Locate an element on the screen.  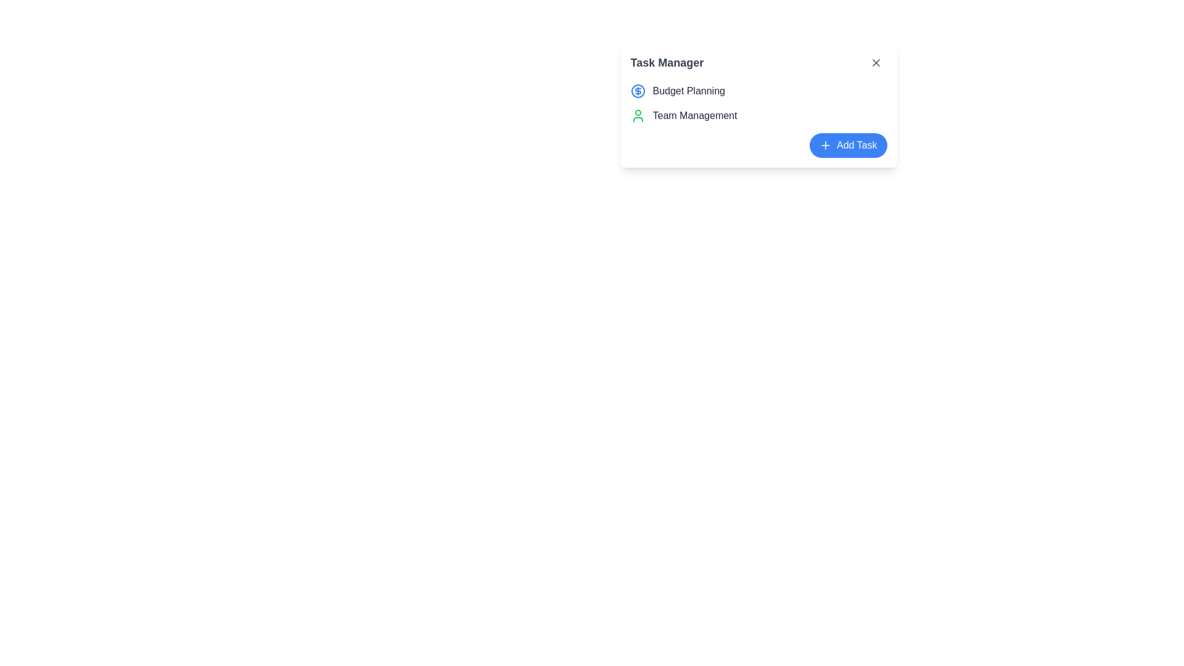
the 'Add Task' button located at the bottom-right corner of the 'Task Manager' section is located at coordinates (847, 144).